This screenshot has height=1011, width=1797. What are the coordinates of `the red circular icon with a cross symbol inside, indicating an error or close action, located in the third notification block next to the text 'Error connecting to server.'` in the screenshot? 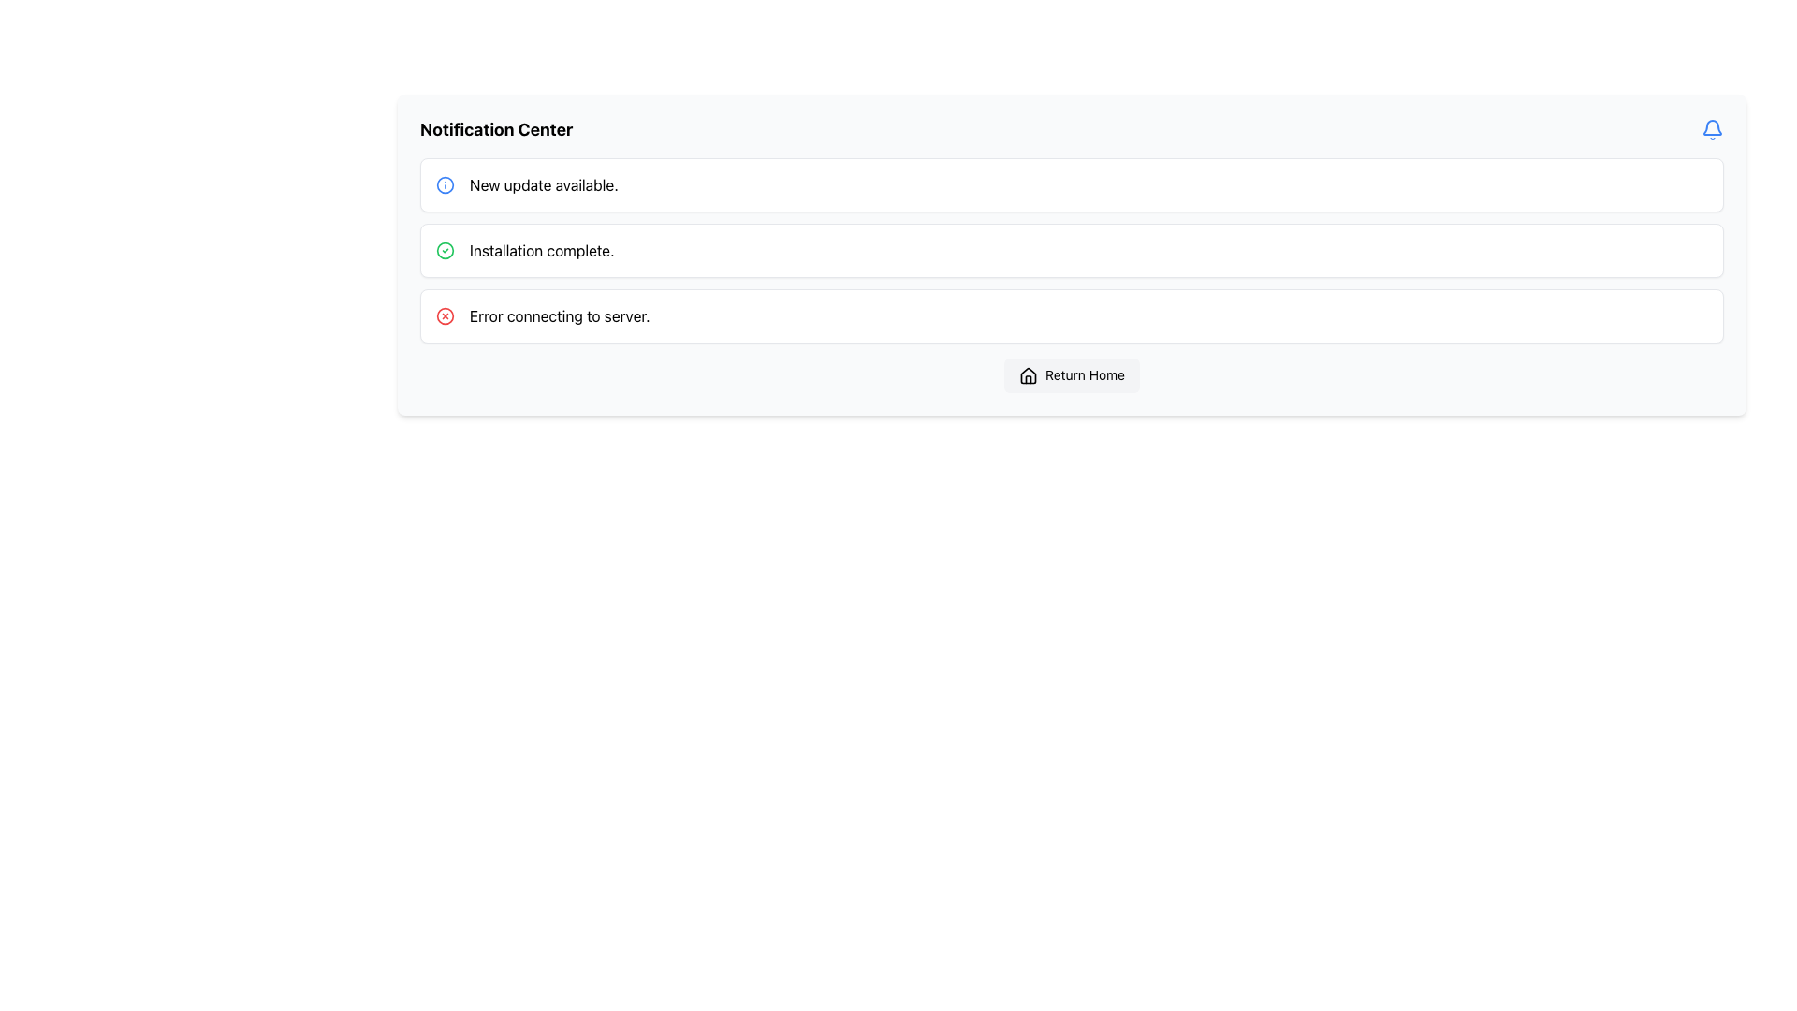 It's located at (444, 315).